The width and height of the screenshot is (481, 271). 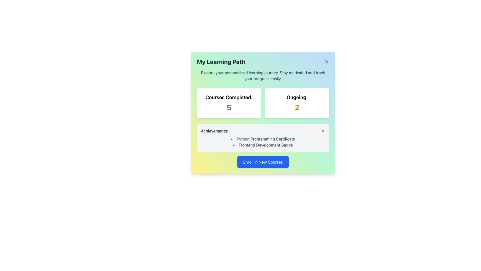 I want to click on information displayed in the Informational panel located below 'Courses Completed: 5' and 'Ongoing: 2', and above the 'Enroll in New Courses' button, so click(x=263, y=138).